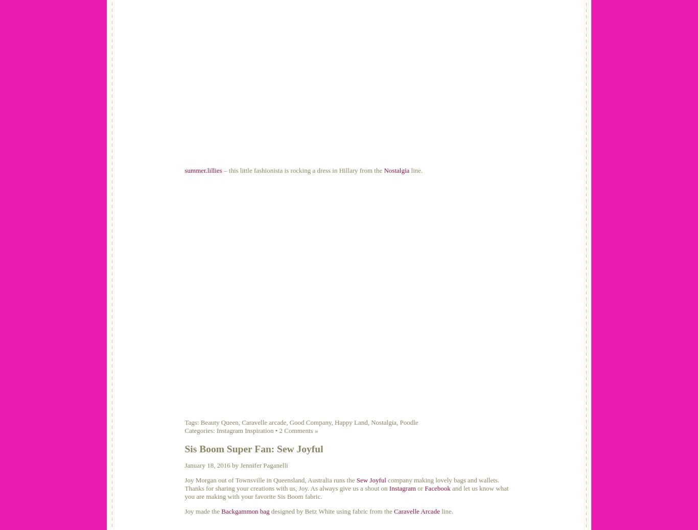 The width and height of the screenshot is (698, 530). I want to click on 'Joy made the', so click(202, 511).